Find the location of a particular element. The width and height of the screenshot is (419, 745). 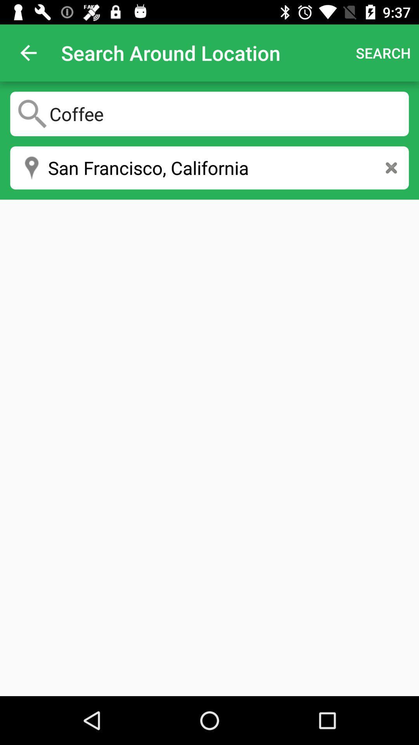

coffee icon is located at coordinates (209, 113).